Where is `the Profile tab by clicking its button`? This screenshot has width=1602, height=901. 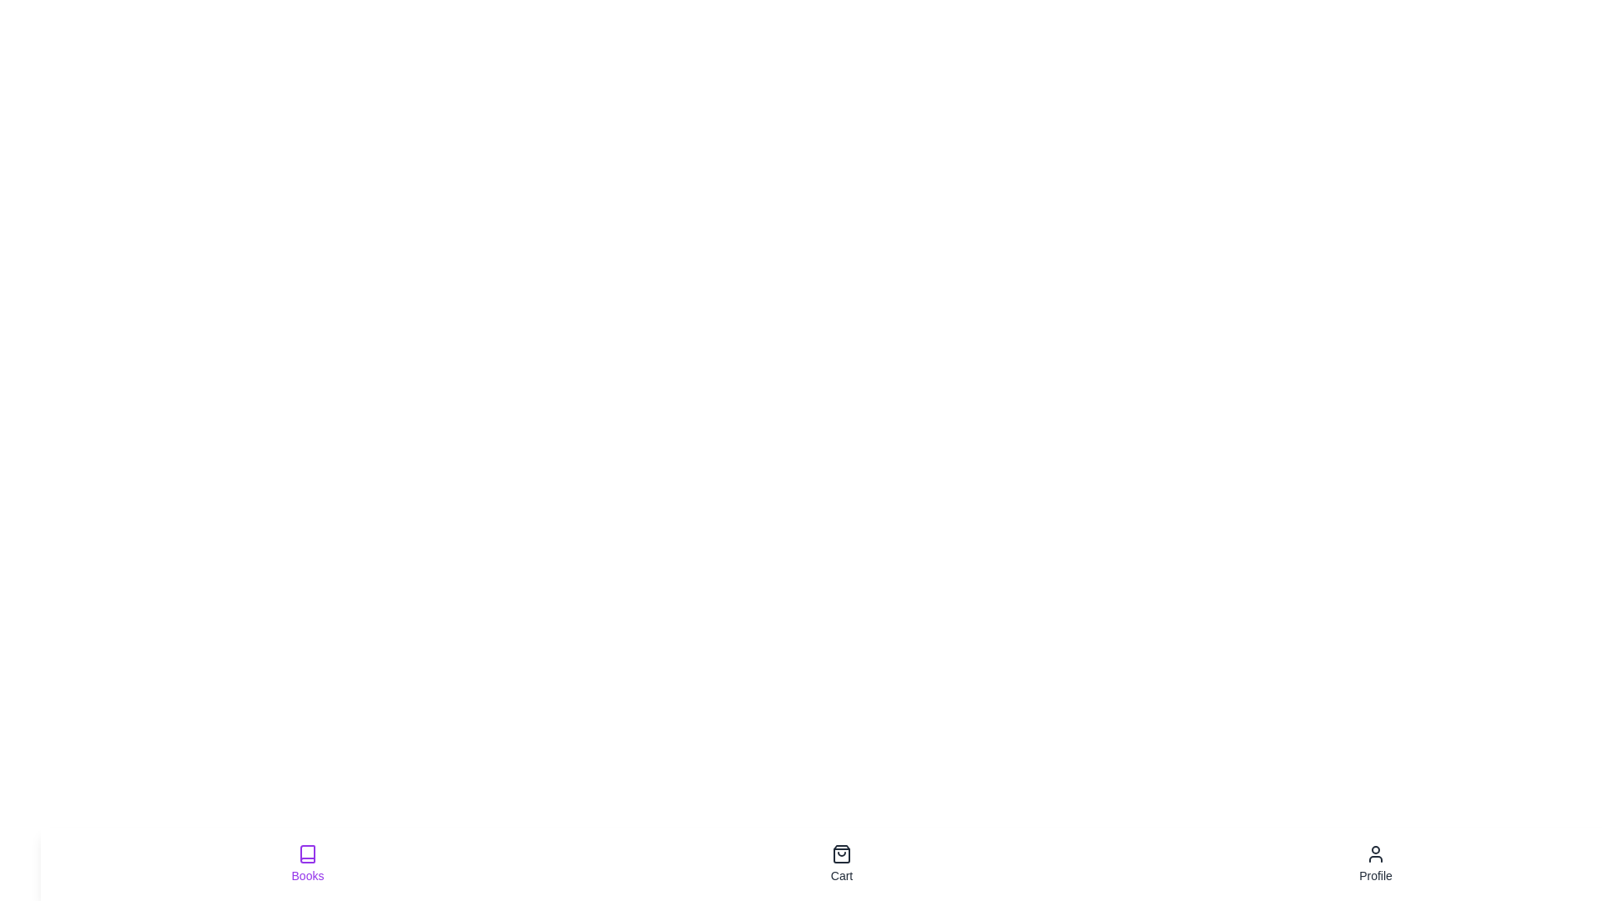
the Profile tab by clicking its button is located at coordinates (1376, 863).